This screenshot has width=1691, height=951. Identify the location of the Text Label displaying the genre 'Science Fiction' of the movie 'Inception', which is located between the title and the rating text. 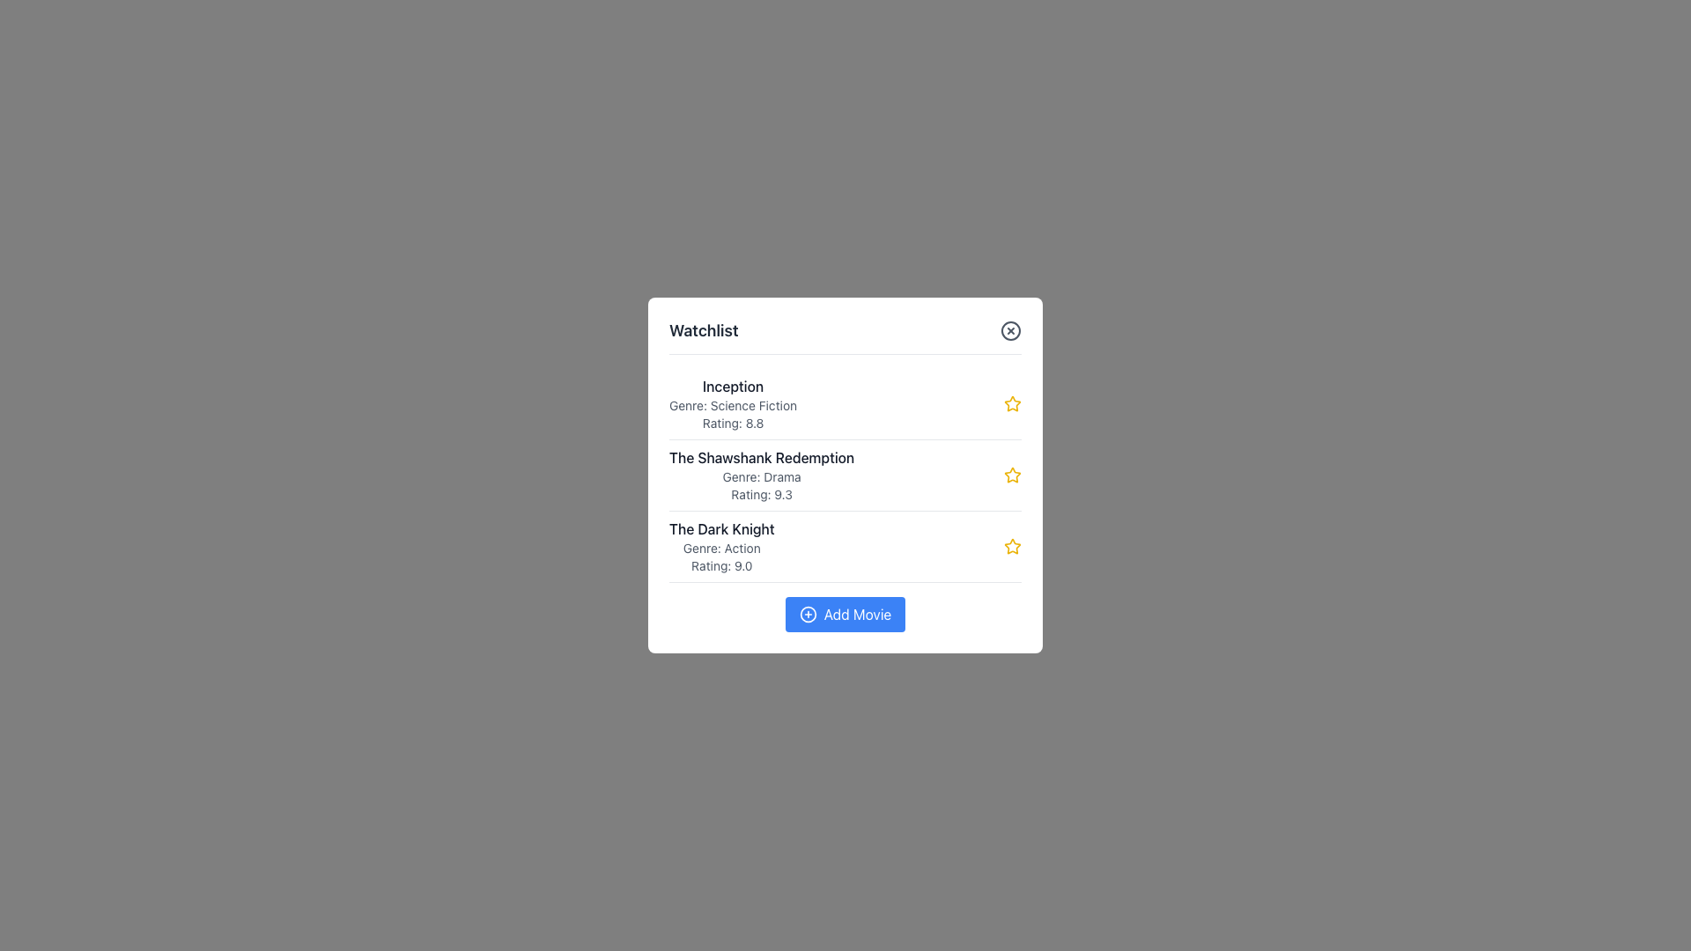
(733, 406).